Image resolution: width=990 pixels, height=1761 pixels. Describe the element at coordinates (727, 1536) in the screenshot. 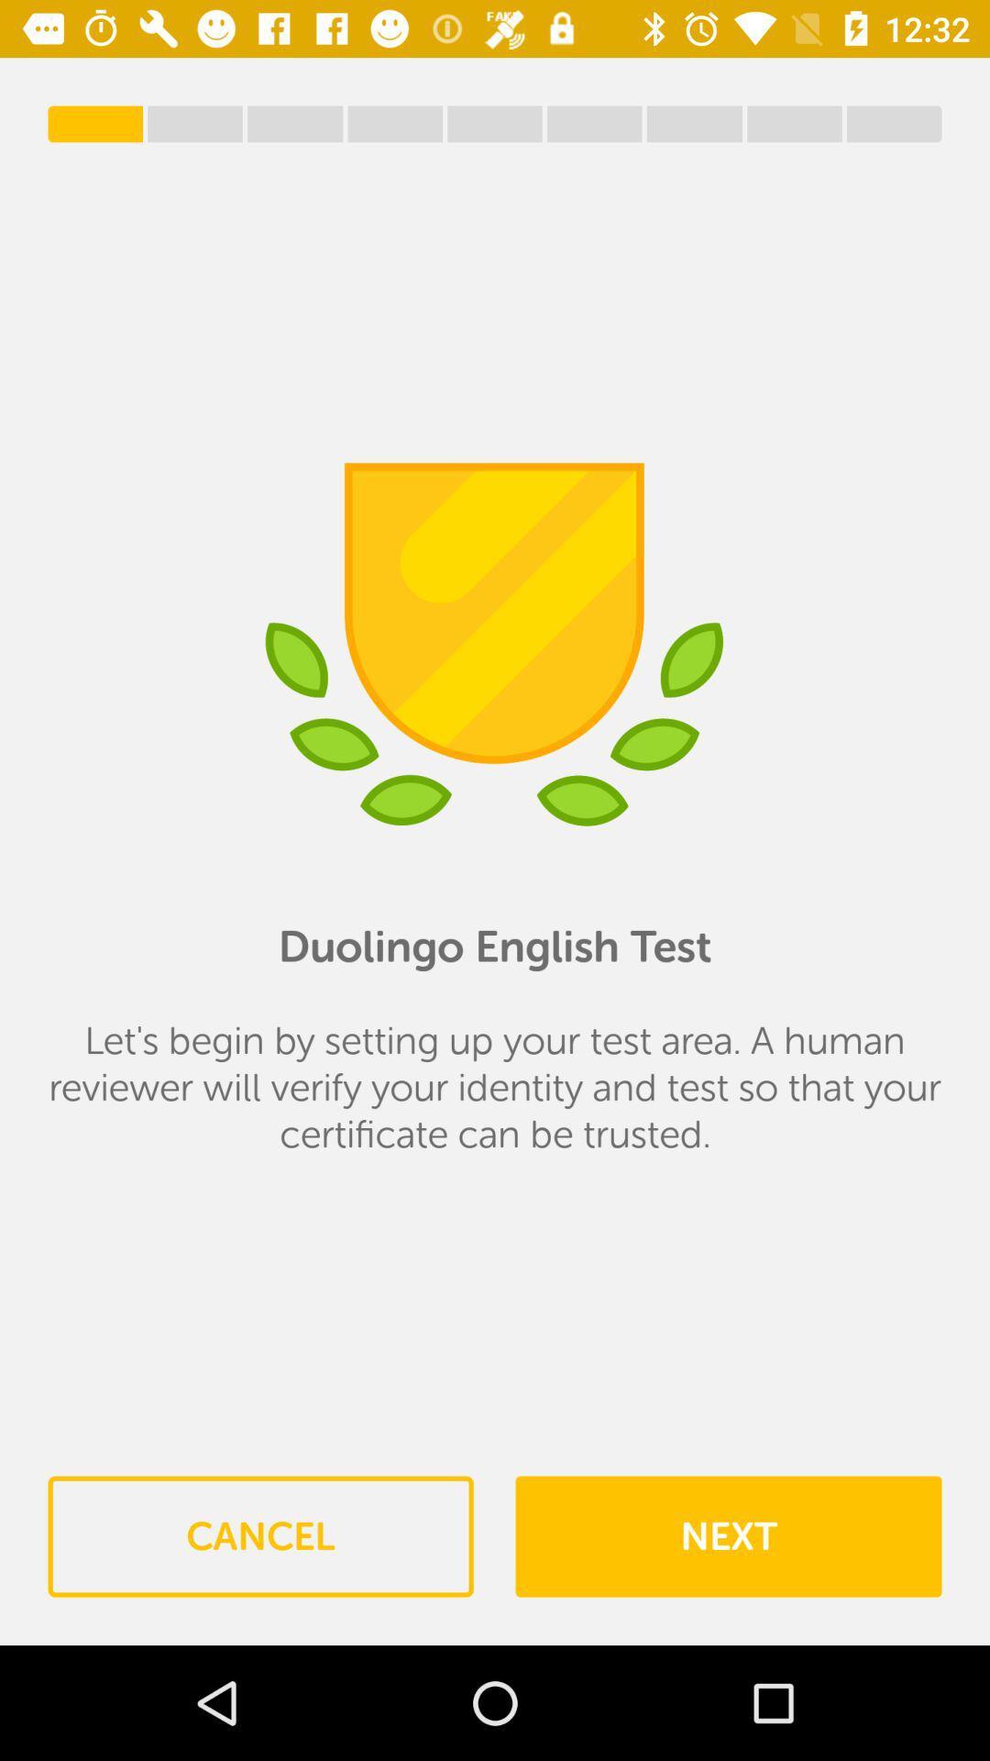

I see `the icon below let s begin` at that location.